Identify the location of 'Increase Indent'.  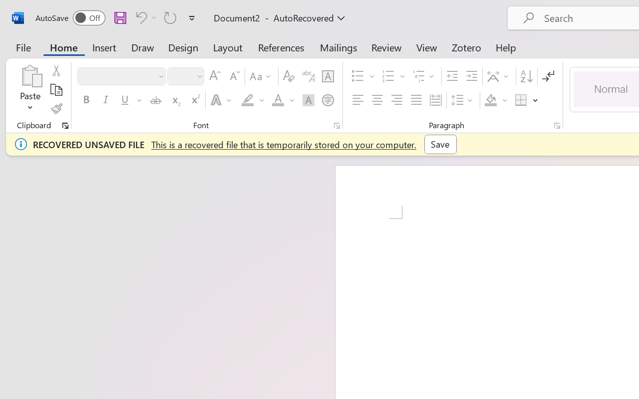
(471, 76).